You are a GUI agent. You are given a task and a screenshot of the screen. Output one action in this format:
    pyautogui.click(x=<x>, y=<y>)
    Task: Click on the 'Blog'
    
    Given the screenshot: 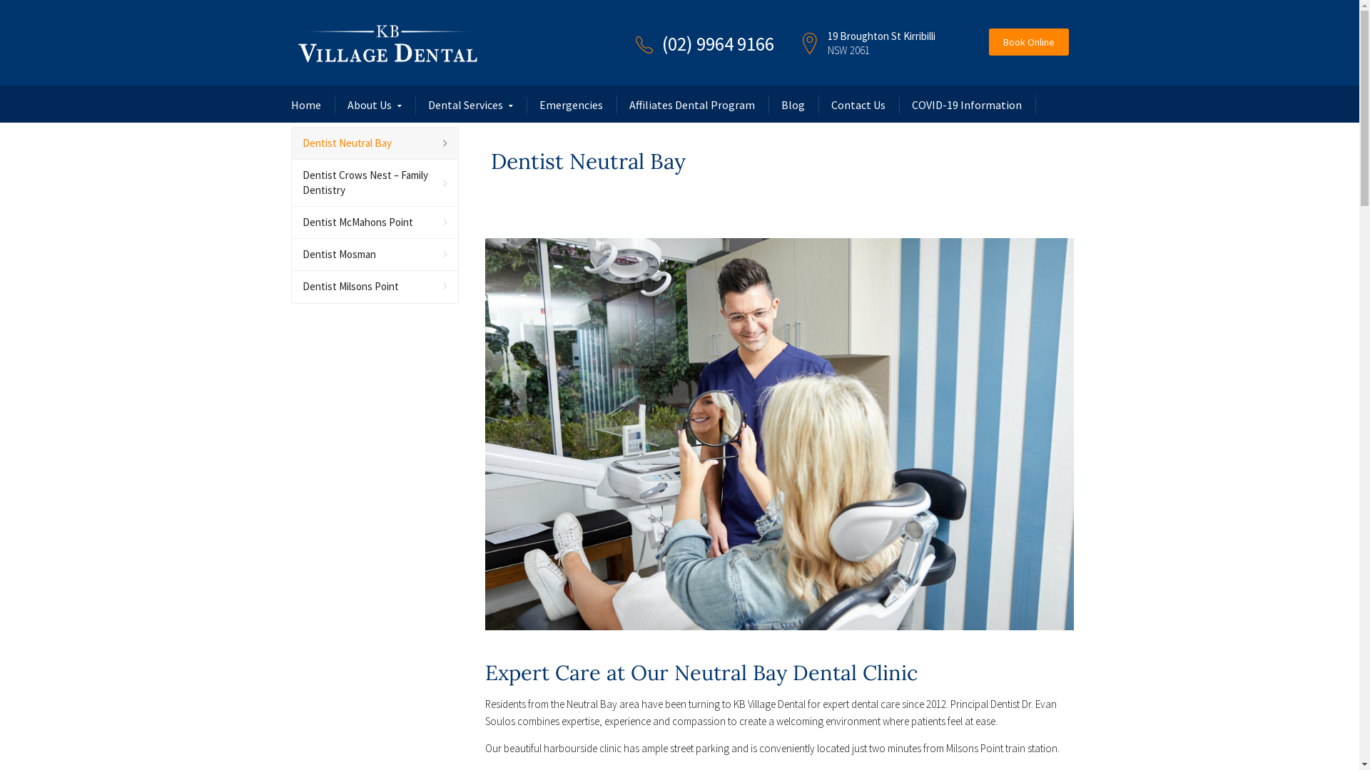 What is the action you would take?
    pyautogui.click(x=791, y=103)
    